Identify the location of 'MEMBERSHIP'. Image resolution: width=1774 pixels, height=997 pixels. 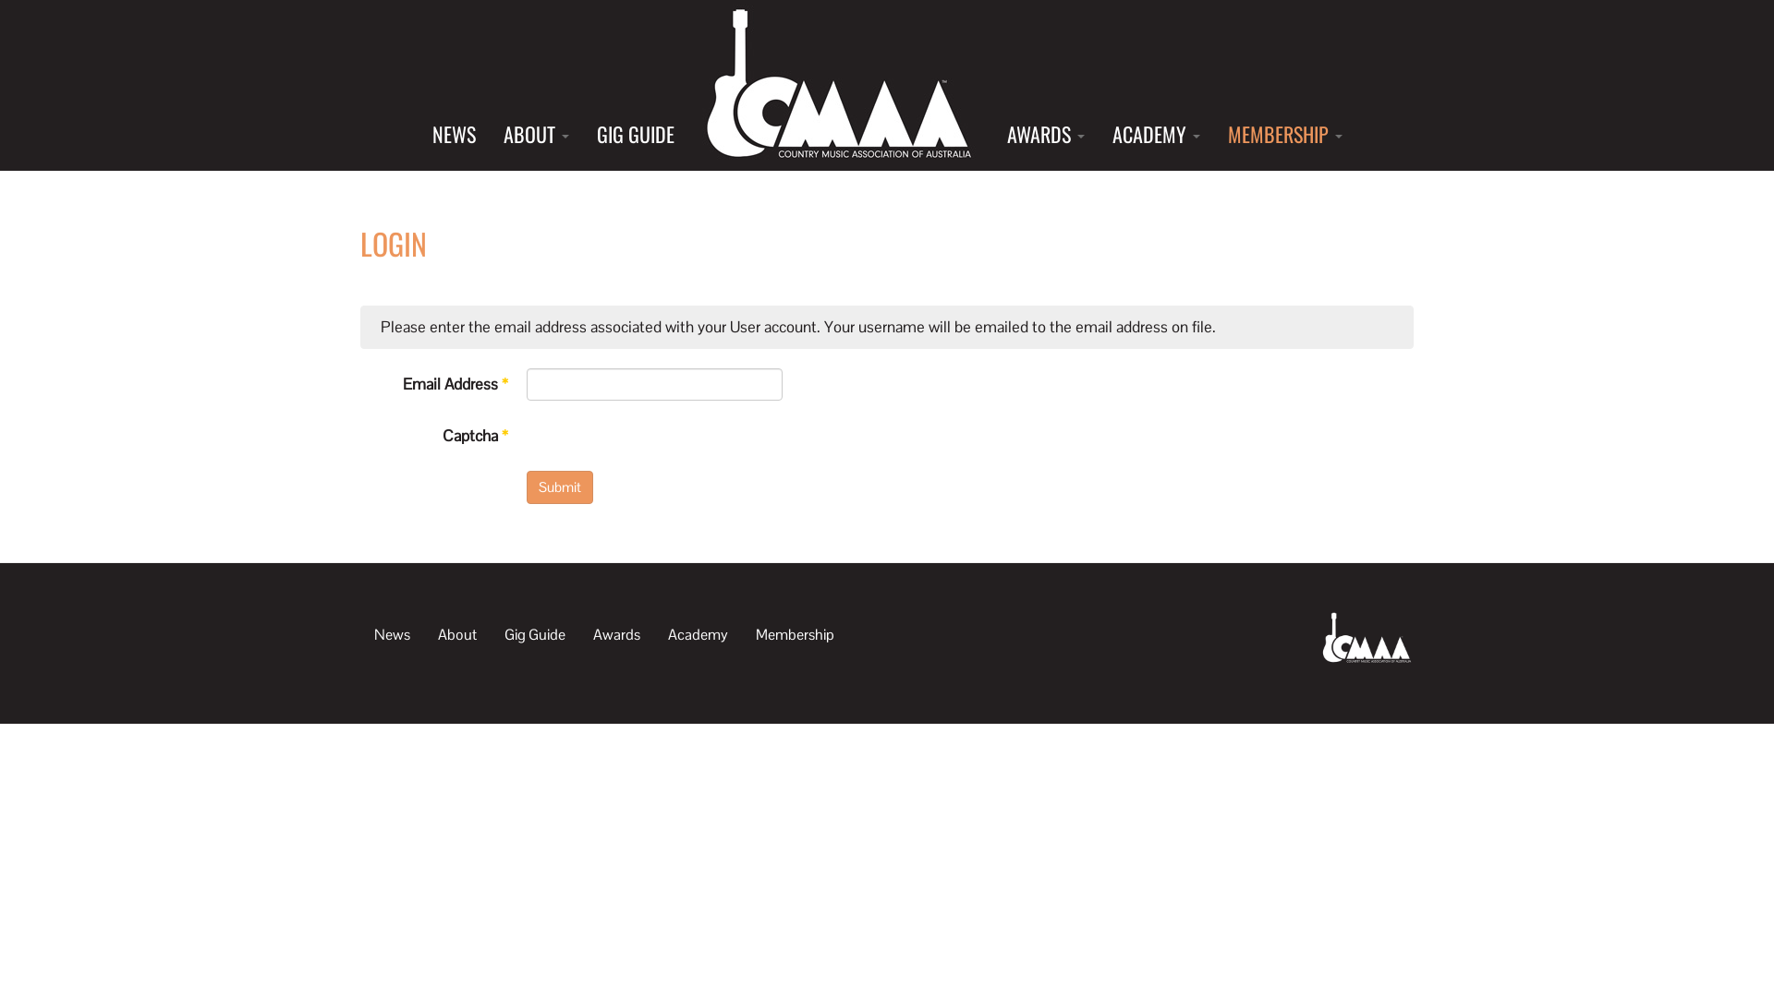
(1284, 133).